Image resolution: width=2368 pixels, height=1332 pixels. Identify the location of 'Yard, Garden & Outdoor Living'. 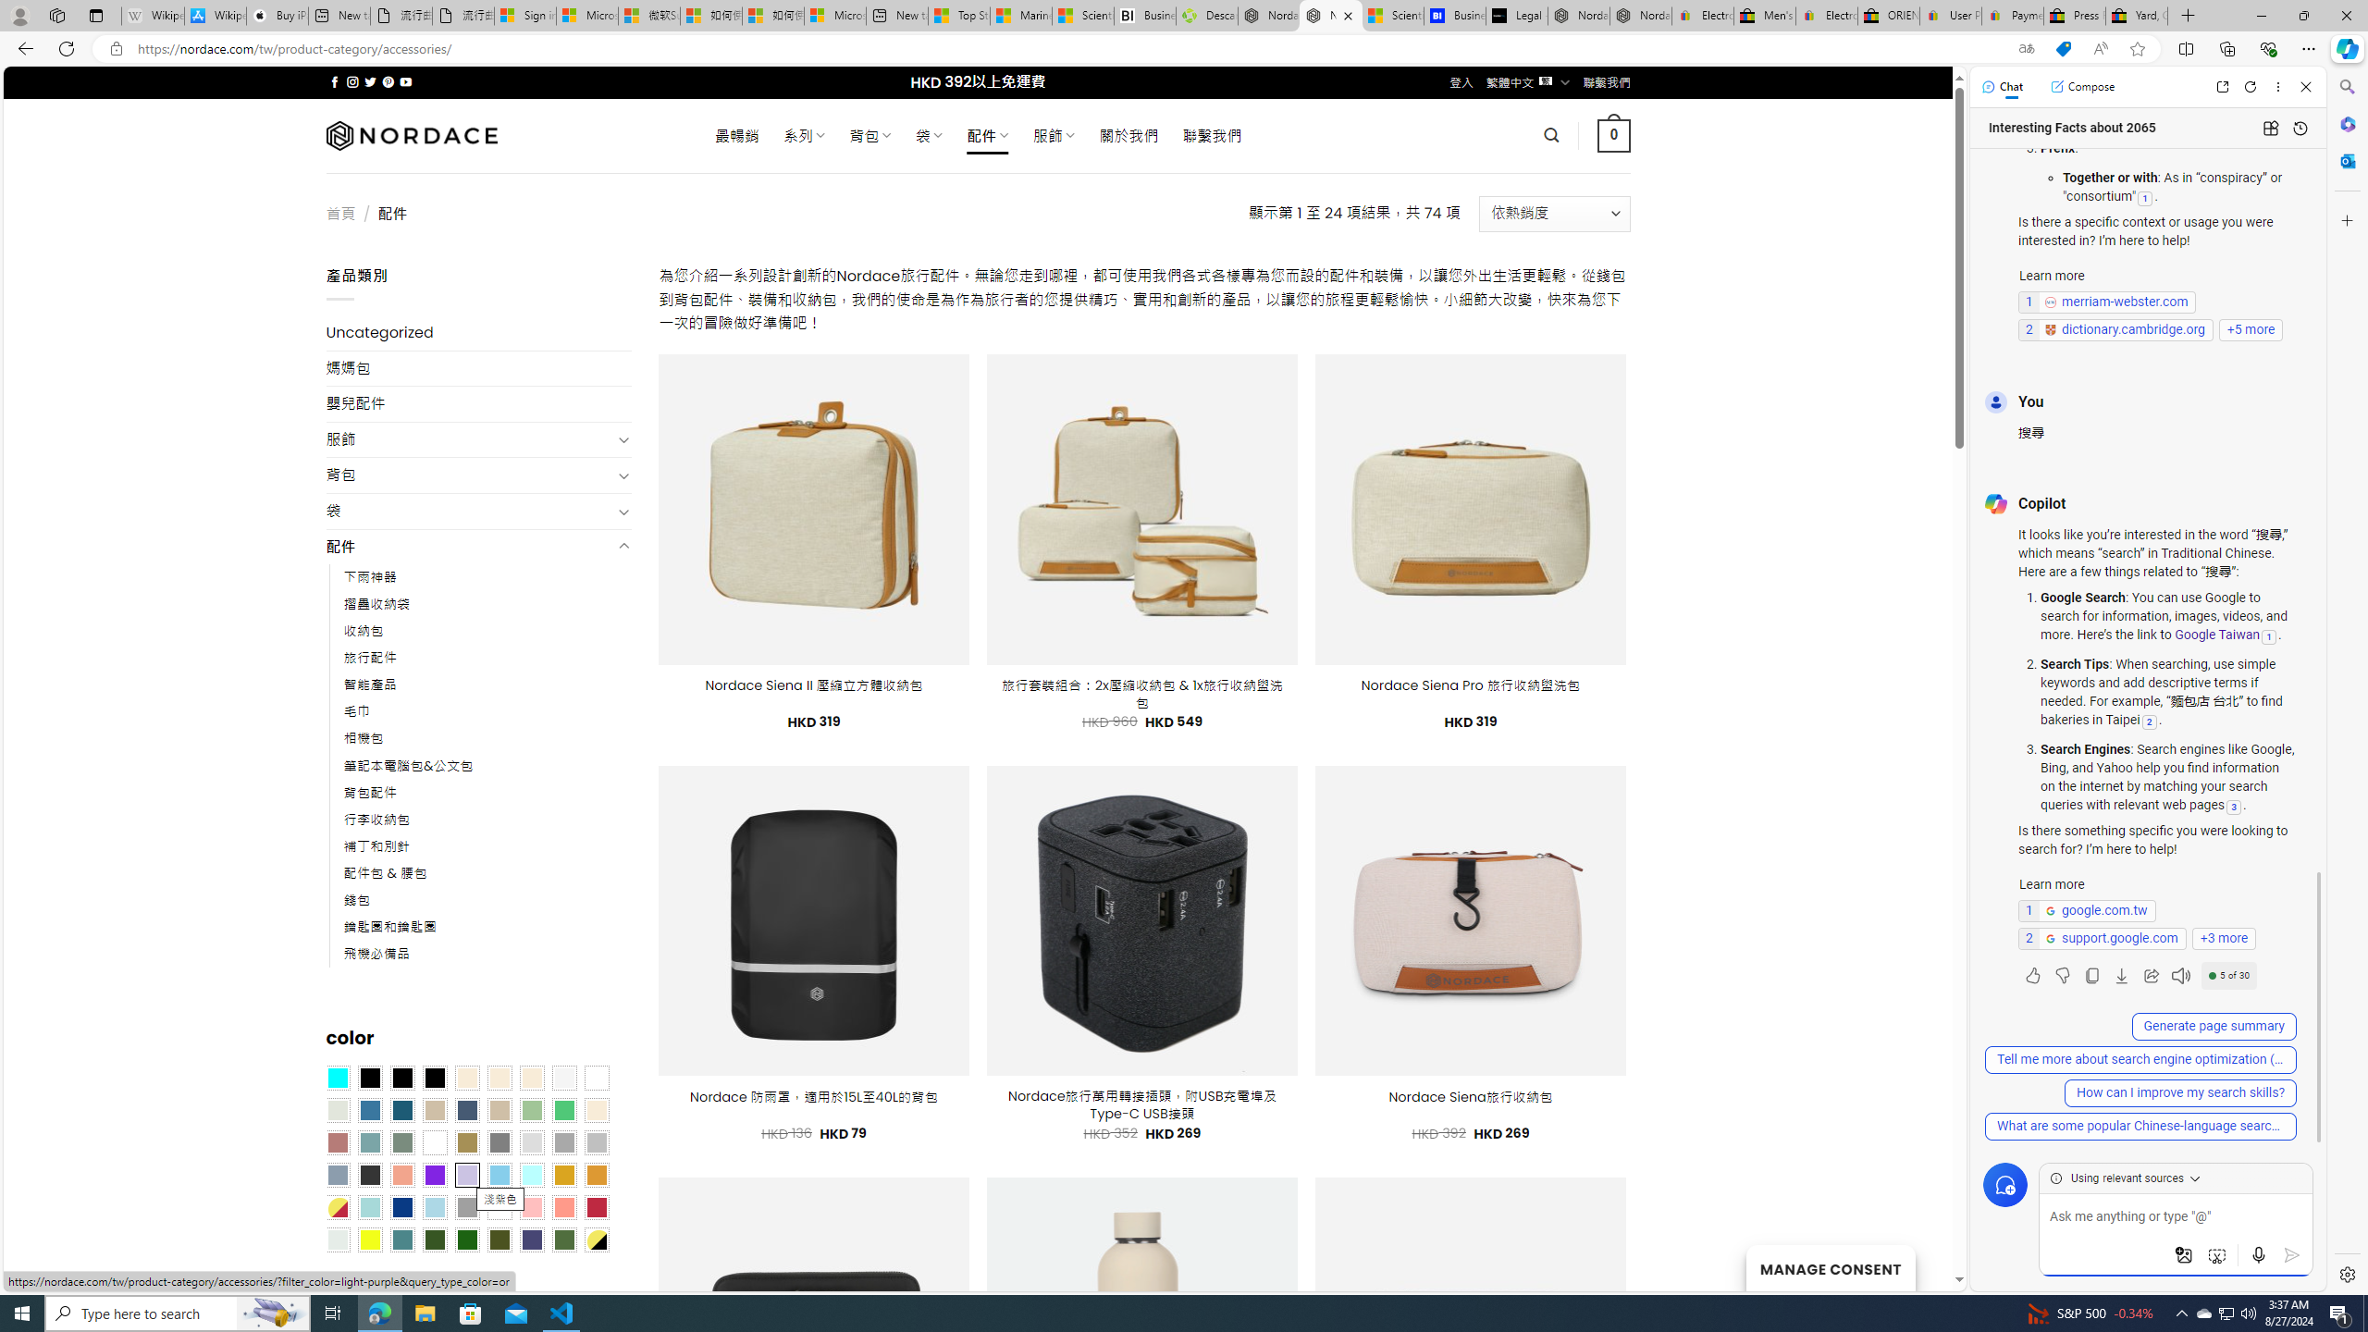
(2137, 15).